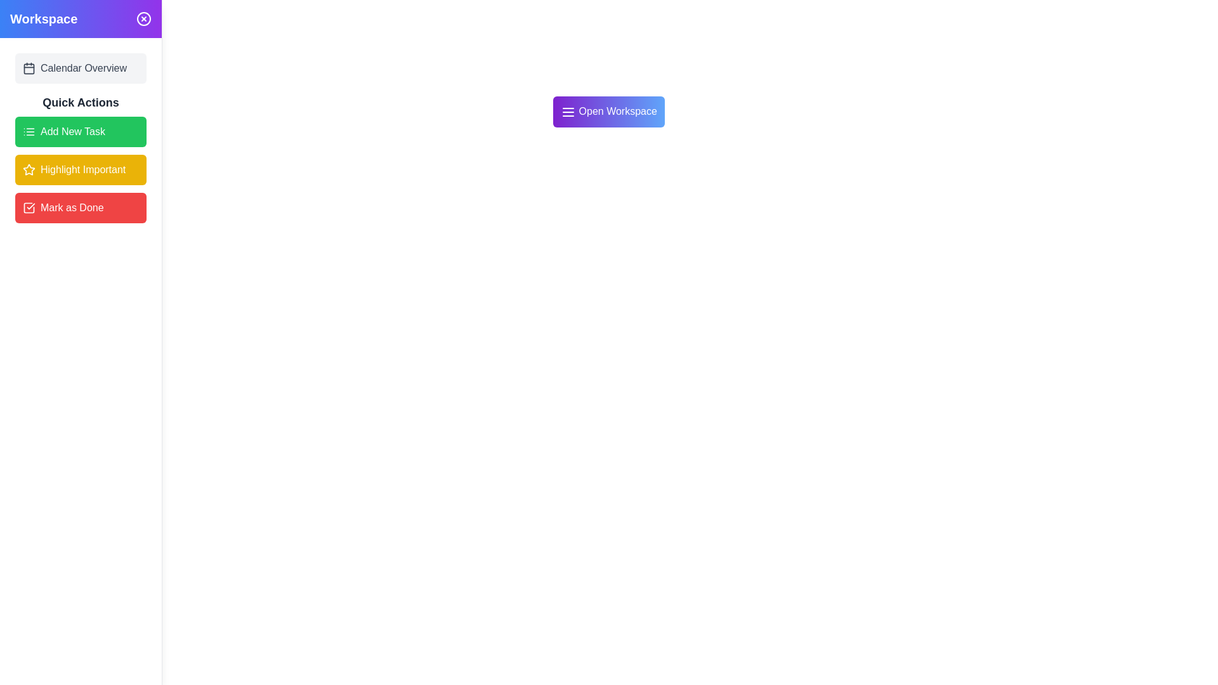 The image size is (1218, 685). I want to click on the 'Open Workspace' button with a gradient background and a hamburger menu icon, so click(609, 111).